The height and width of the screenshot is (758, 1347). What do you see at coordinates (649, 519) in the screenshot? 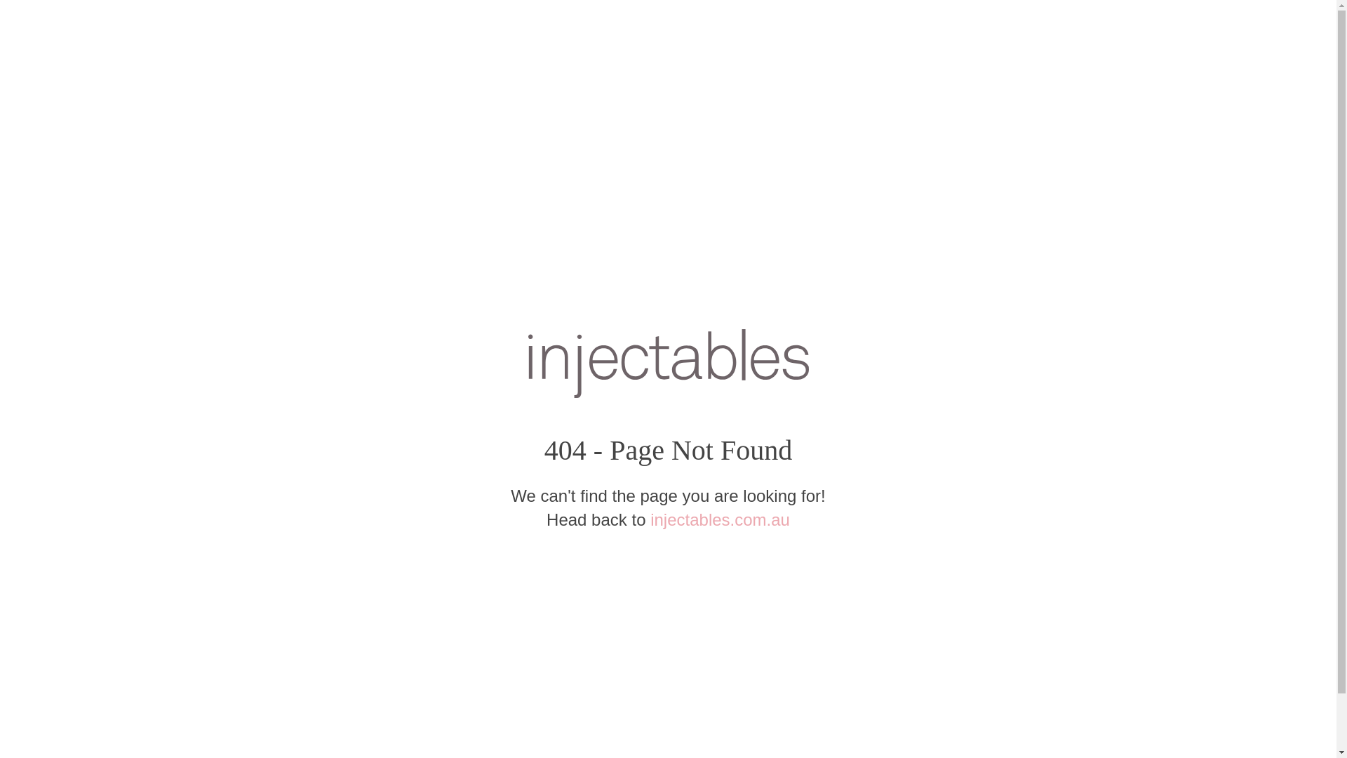
I see `'injectables.com.au'` at bounding box center [649, 519].